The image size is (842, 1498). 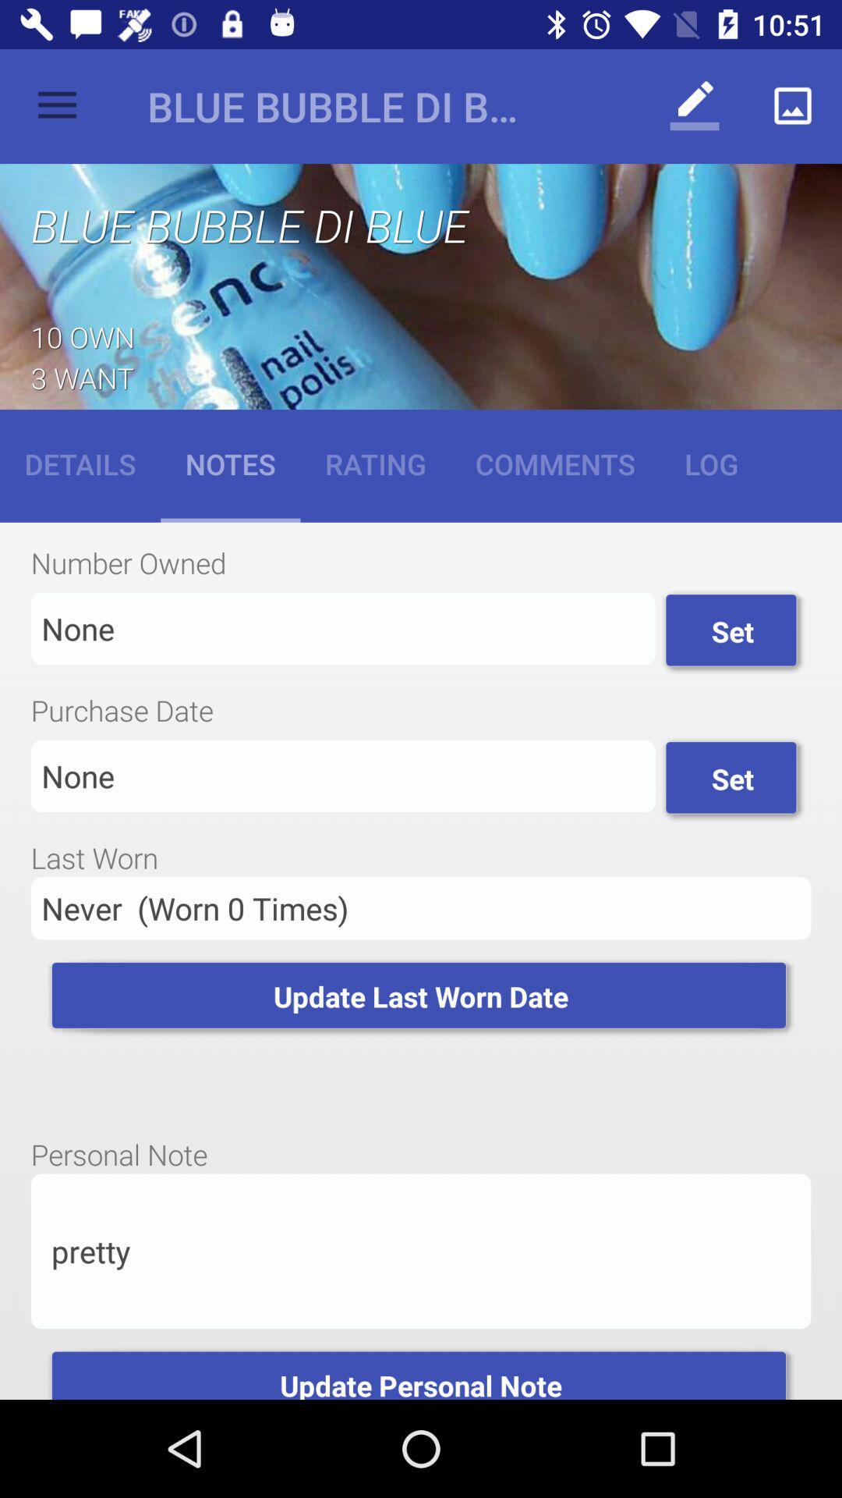 I want to click on the item to the left of notes, so click(x=80, y=463).